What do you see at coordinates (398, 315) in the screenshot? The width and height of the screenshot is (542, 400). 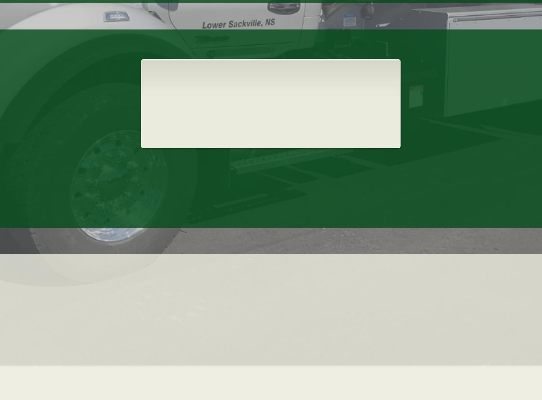 I see `'Goodwood - Prospect Bay'` at bounding box center [398, 315].